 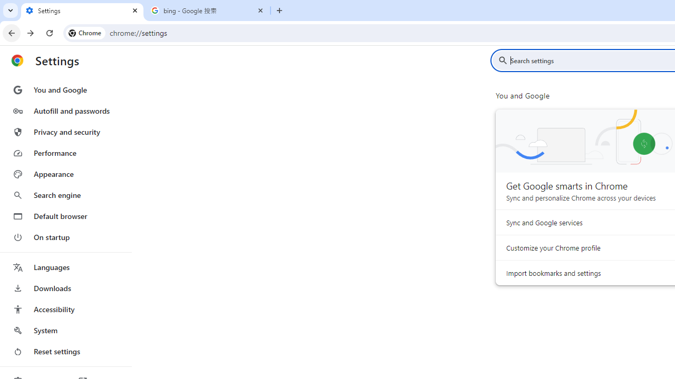 I want to click on 'Downloads', so click(x=65, y=288).